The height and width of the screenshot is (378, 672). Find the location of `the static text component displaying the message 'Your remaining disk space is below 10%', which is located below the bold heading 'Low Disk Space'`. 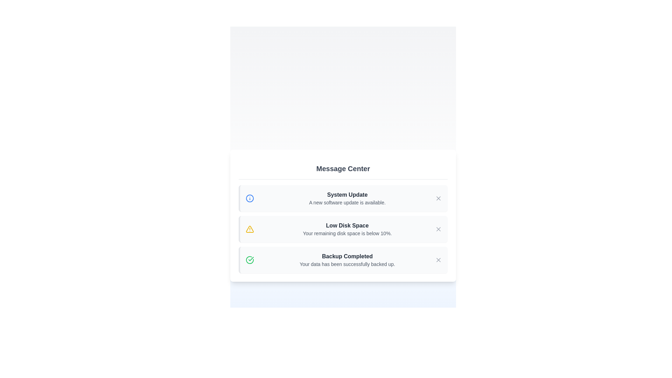

the static text component displaying the message 'Your remaining disk space is below 10%', which is located below the bold heading 'Low Disk Space' is located at coordinates (347, 233).